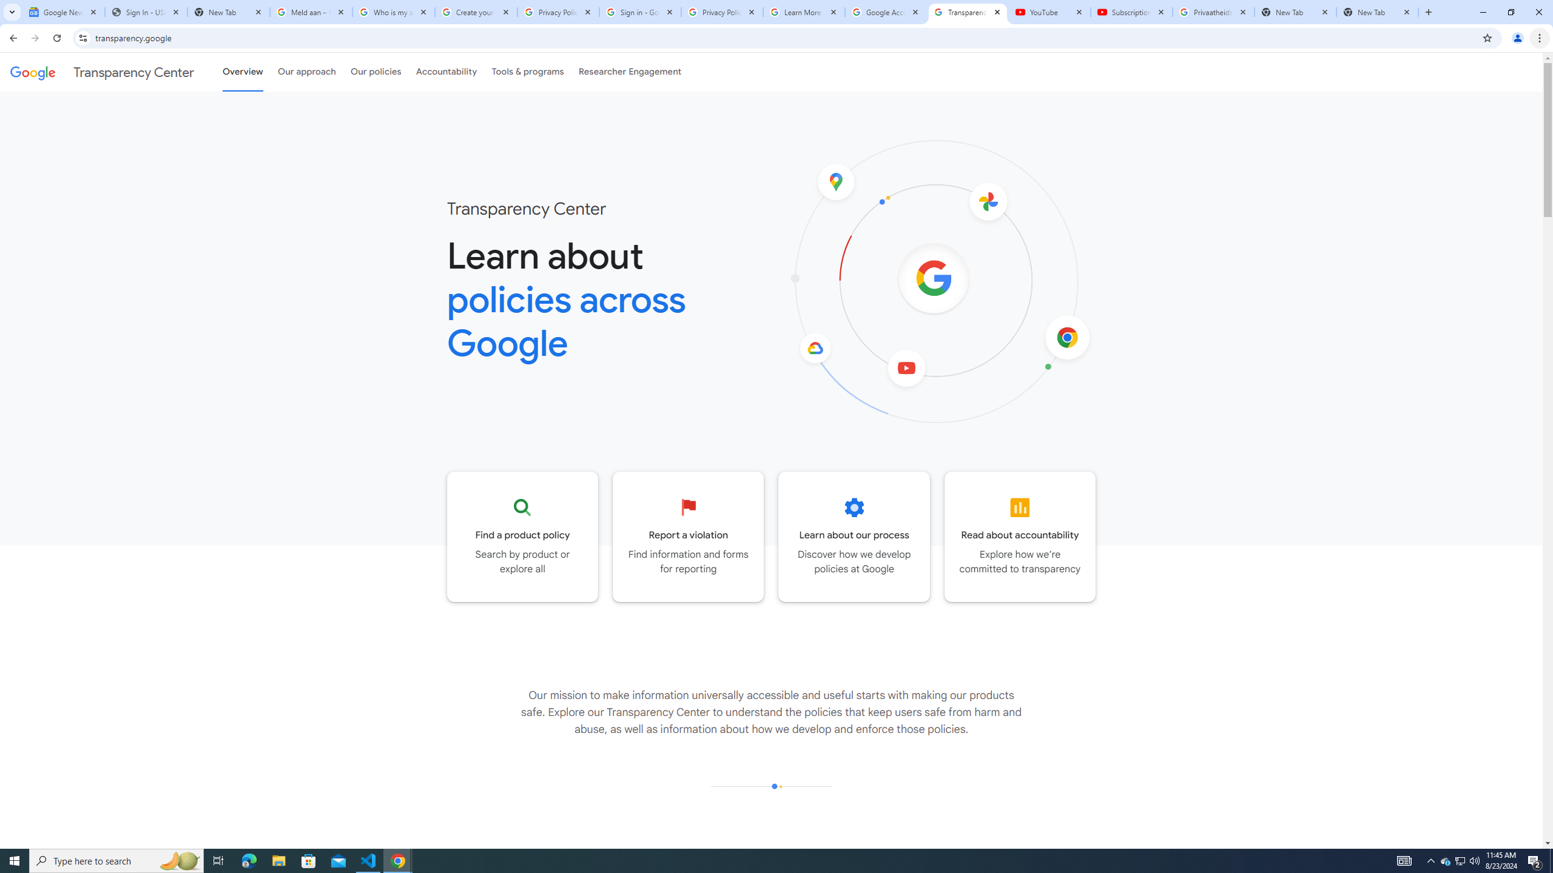 This screenshot has width=1553, height=873. Describe the element at coordinates (885, 12) in the screenshot. I see `'Google Account'` at that location.